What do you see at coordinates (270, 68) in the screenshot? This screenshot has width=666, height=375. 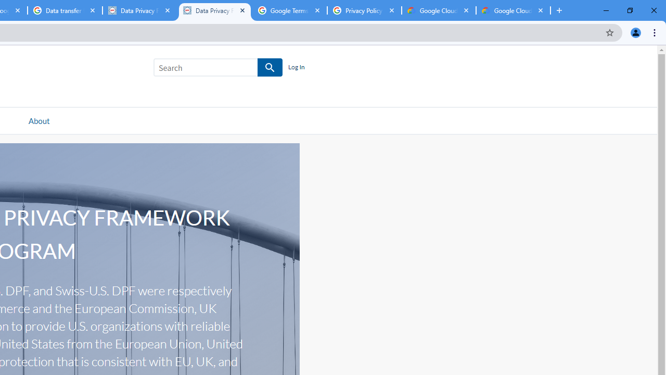 I see `'SEARCH'` at bounding box center [270, 68].